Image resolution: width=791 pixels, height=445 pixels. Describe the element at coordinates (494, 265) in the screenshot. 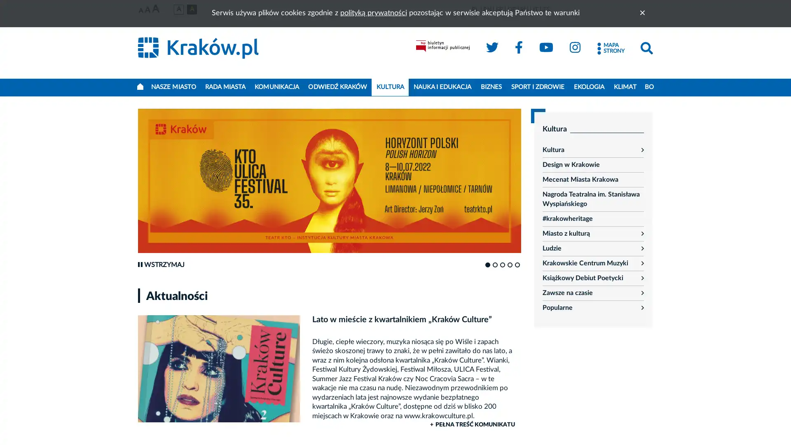

I see `Go to slide 2` at that location.